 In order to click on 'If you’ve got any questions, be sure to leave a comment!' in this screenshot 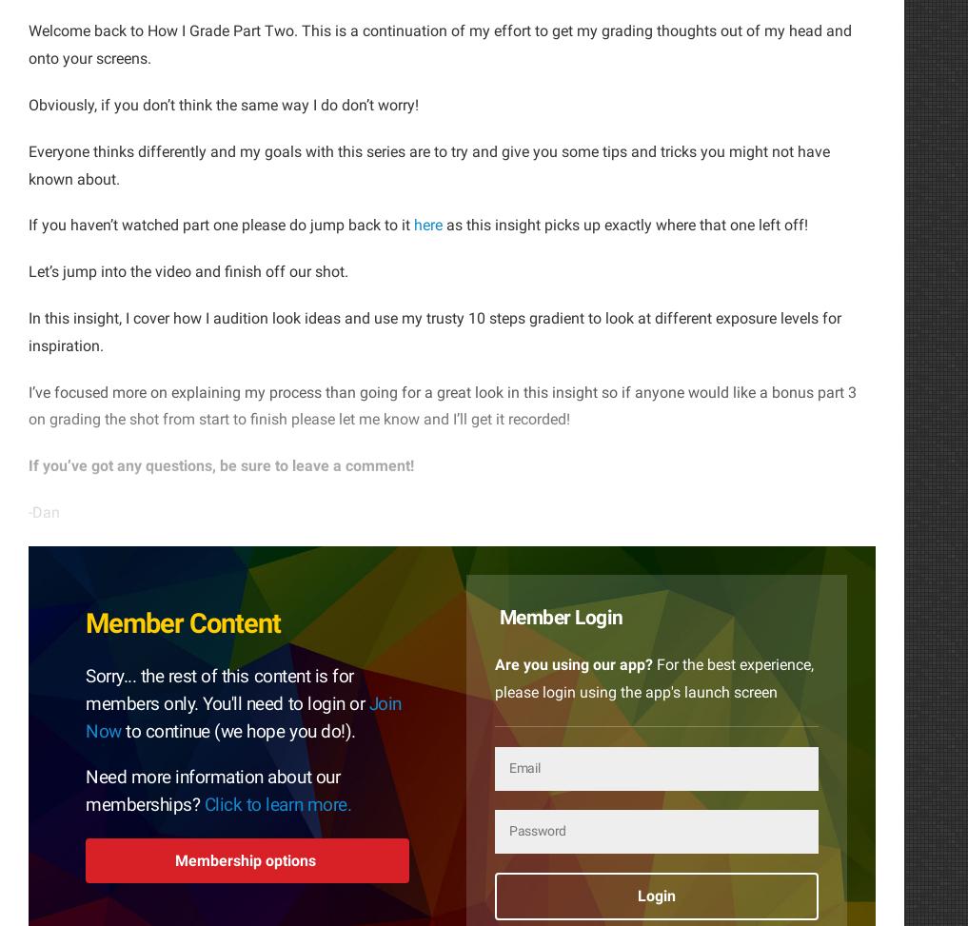, I will do `click(220, 464)`.